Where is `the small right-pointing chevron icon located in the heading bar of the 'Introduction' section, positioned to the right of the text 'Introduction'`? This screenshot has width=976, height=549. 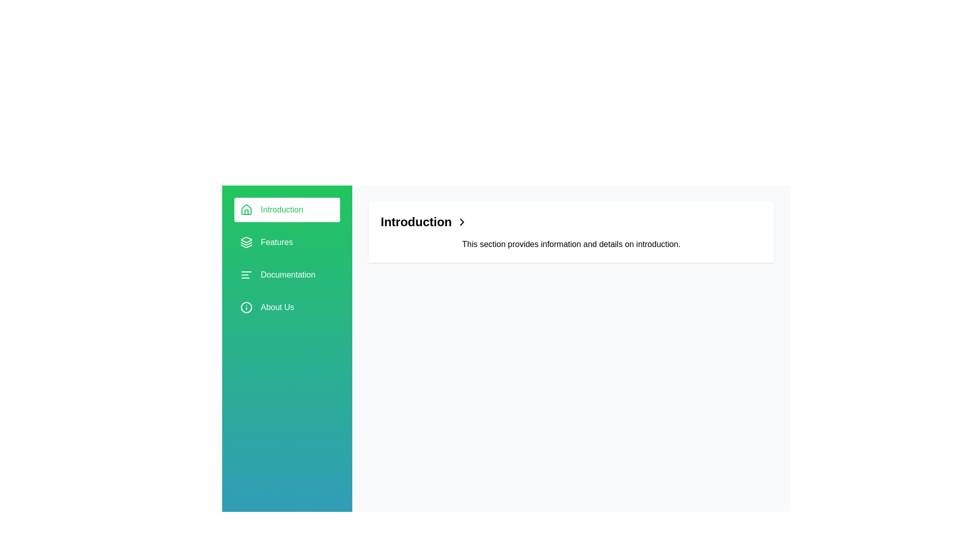
the small right-pointing chevron icon located in the heading bar of the 'Introduction' section, positioned to the right of the text 'Introduction' is located at coordinates (461, 221).